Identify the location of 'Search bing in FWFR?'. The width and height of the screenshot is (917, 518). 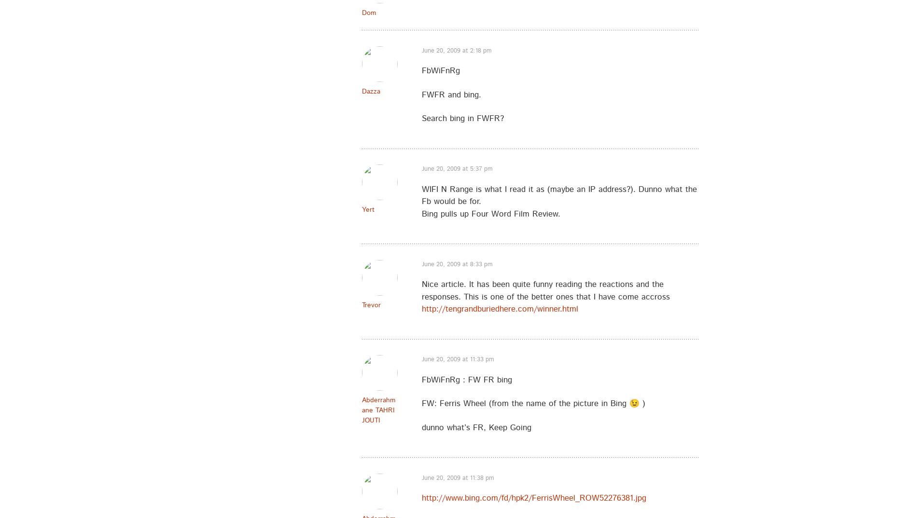
(421, 118).